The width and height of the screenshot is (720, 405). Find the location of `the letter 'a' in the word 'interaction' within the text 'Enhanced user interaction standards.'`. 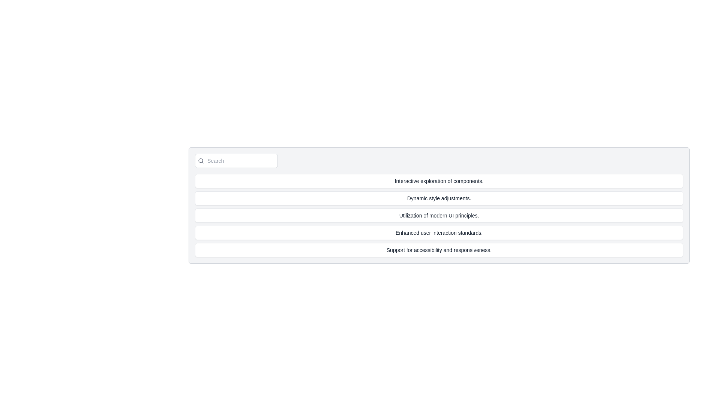

the letter 'a' in the word 'interaction' within the text 'Enhanced user interaction standards.' is located at coordinates (444, 232).